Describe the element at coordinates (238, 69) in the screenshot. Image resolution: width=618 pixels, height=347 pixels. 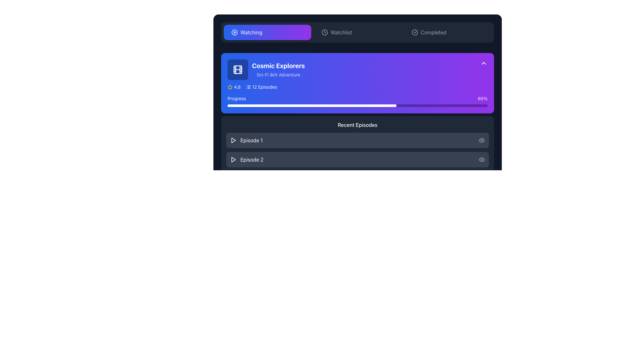
I see `the icon representing 'Cosmic Explorers', located to the left of the title and details` at that location.